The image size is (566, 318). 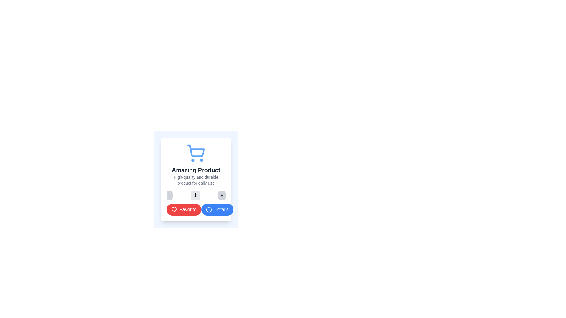 What do you see at coordinates (196, 195) in the screenshot?
I see `the '+' button of the Stepper control located below the product description to increase the numeric value displayed` at bounding box center [196, 195].